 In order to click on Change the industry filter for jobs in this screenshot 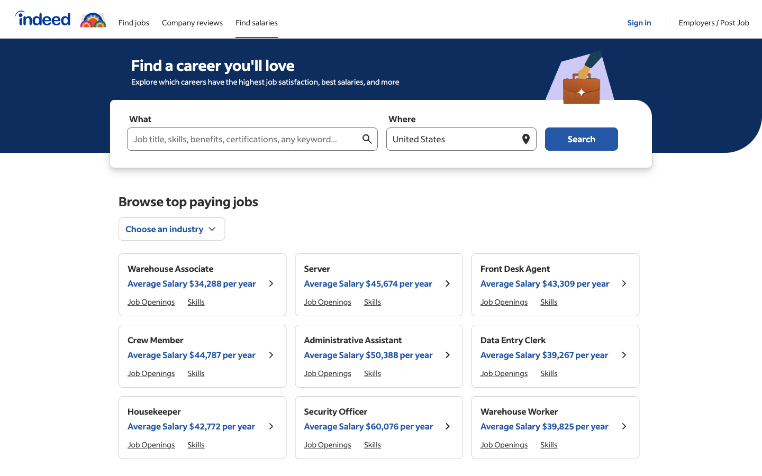, I will do `click(172, 228)`.